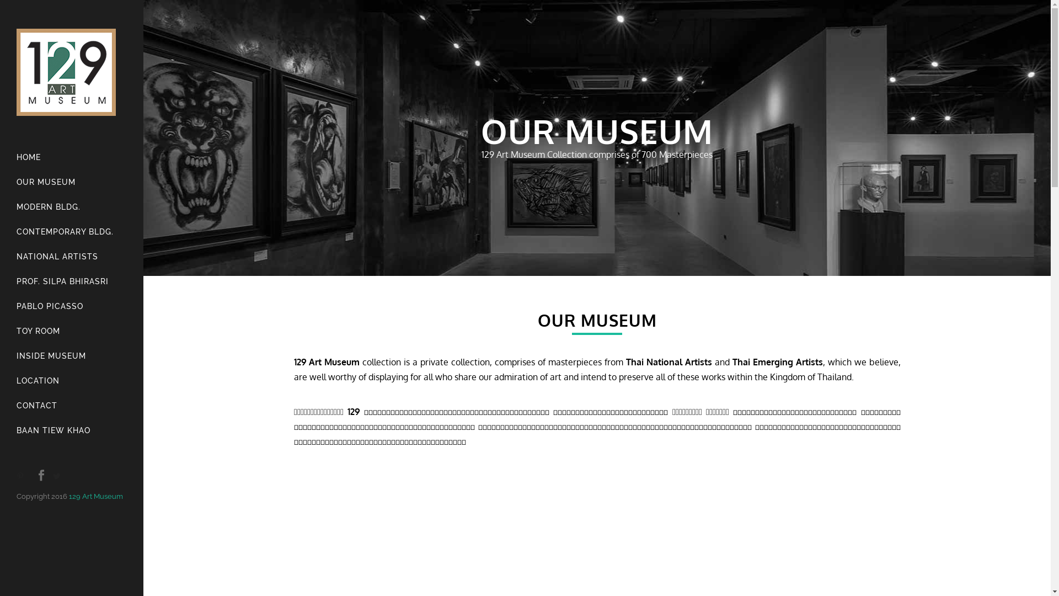 Image resolution: width=1059 pixels, height=596 pixels. Describe the element at coordinates (71, 157) in the screenshot. I see `'HOME'` at that location.